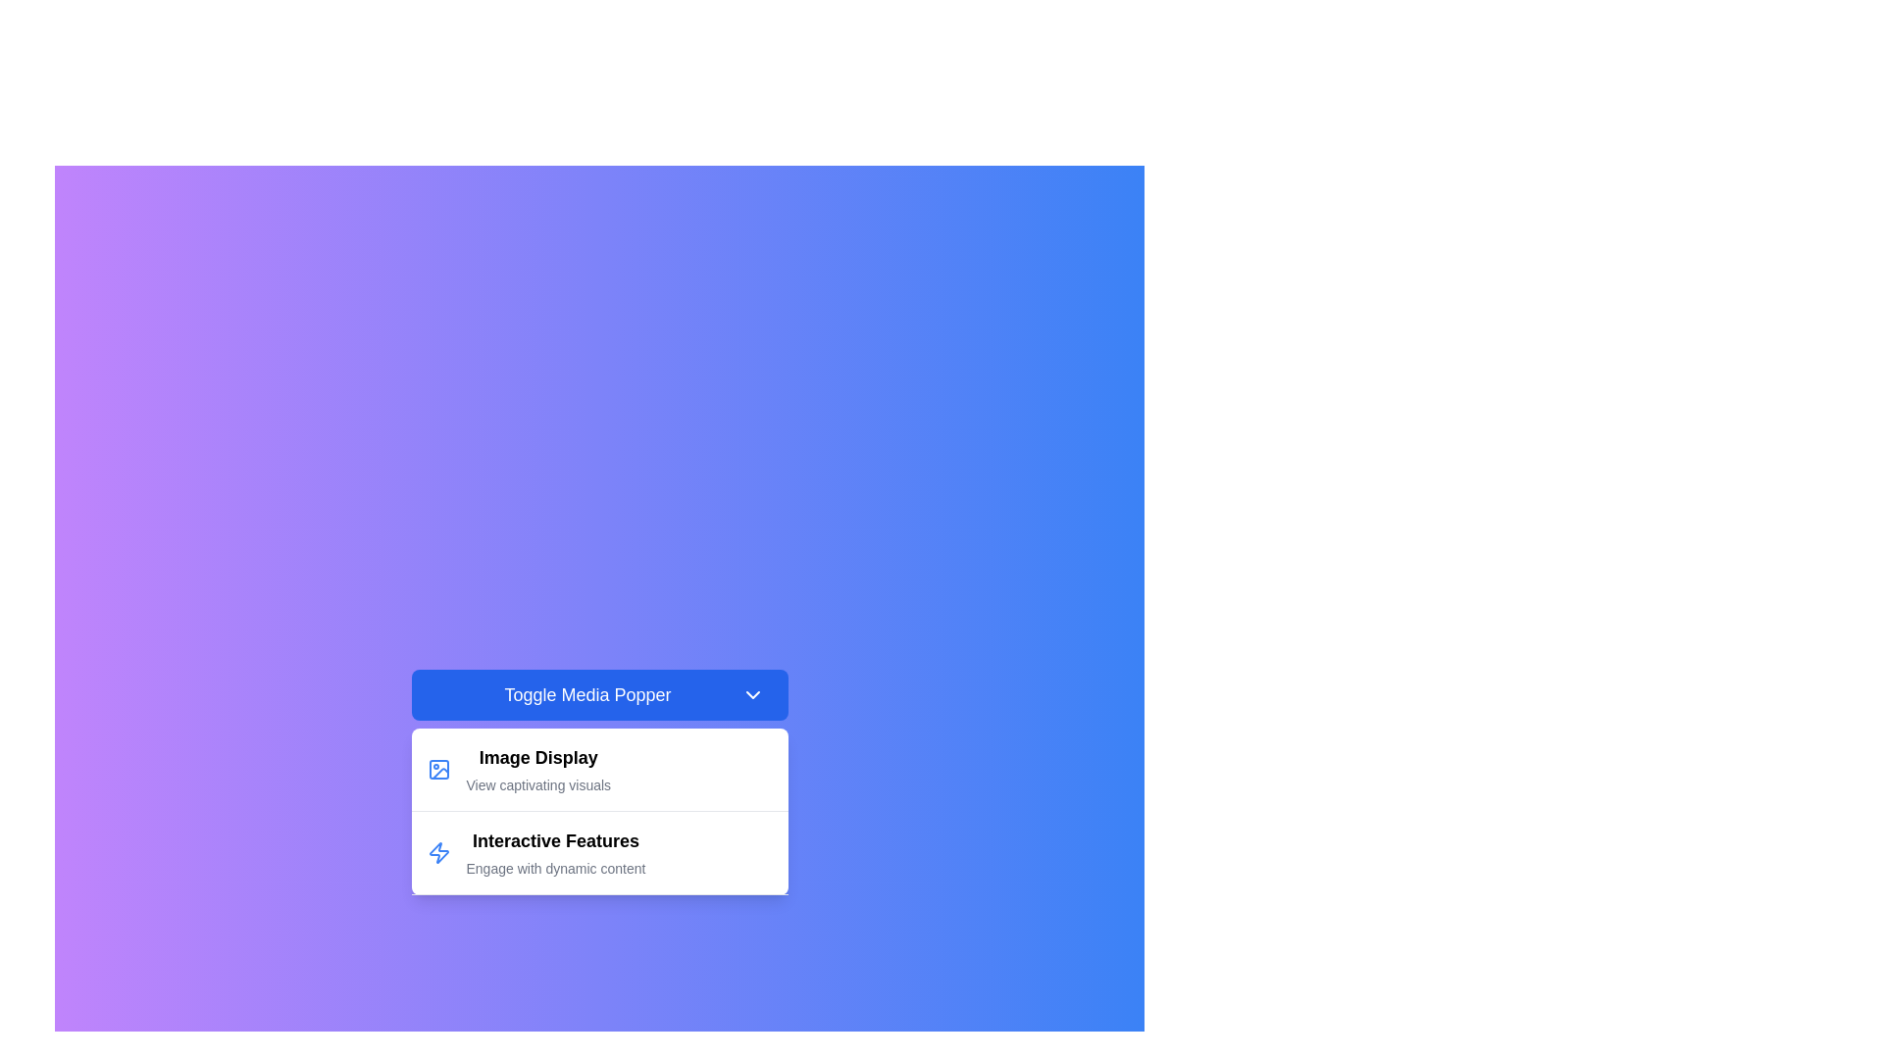  Describe the element at coordinates (437, 852) in the screenshot. I see `the blue lightning-shaped icon in the 'Interactive Features' list item under the 'Toggle Media Popper' drop-down menu` at that location.